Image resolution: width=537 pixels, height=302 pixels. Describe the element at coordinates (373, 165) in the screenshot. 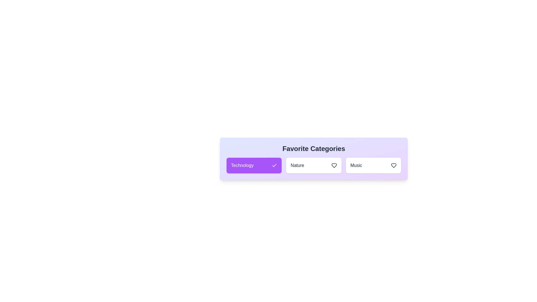

I see `the category Music to observe its hover effect` at that location.